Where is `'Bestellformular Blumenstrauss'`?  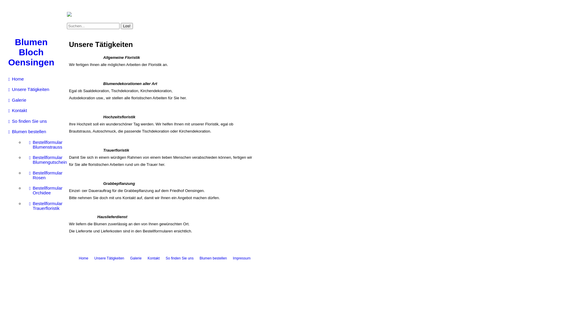
'Bestellformular Blumenstrauss' is located at coordinates (44, 144).